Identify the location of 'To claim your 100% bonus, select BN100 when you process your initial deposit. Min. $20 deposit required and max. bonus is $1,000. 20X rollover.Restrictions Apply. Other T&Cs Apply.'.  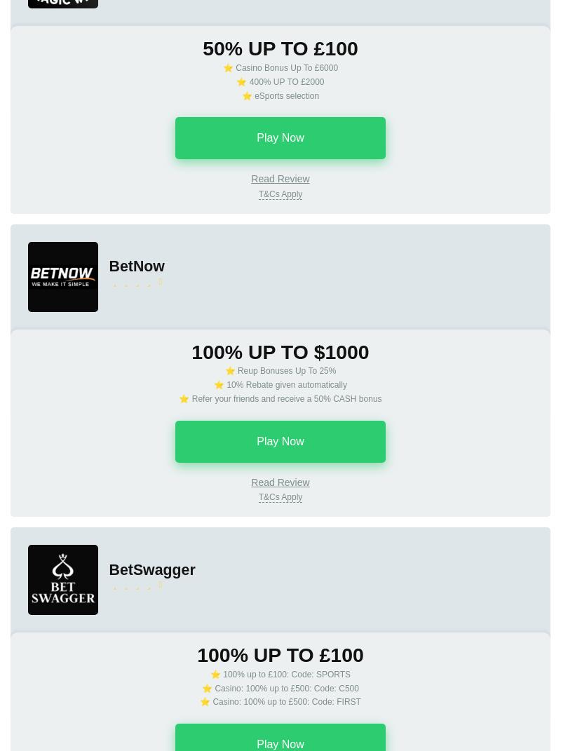
(279, 546).